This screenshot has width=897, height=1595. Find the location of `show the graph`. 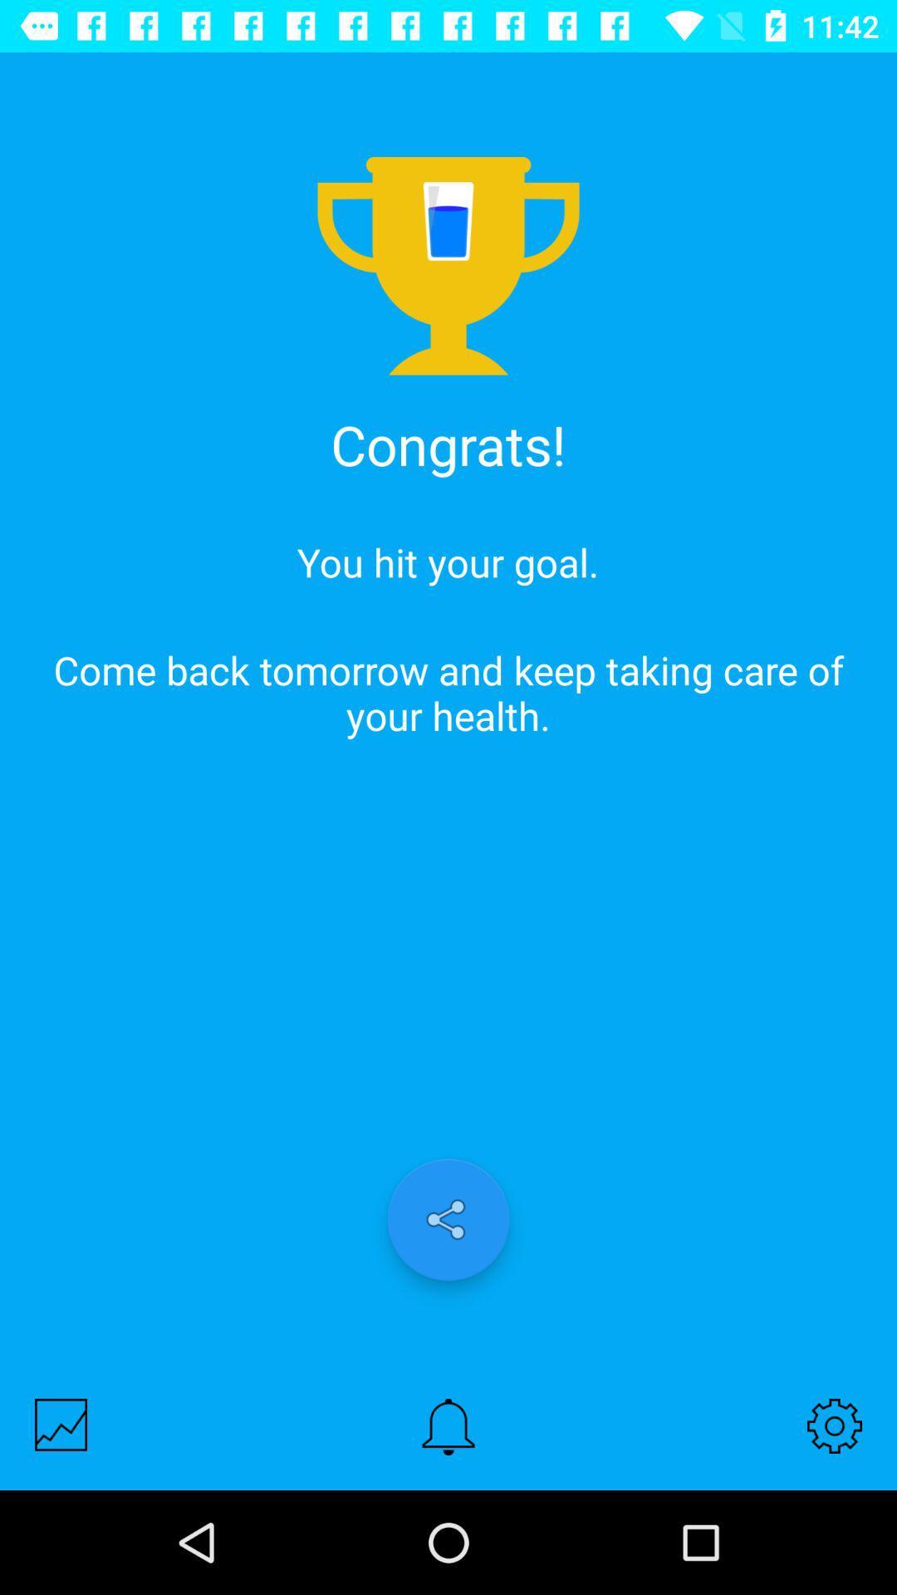

show the graph is located at coordinates (60, 1424).